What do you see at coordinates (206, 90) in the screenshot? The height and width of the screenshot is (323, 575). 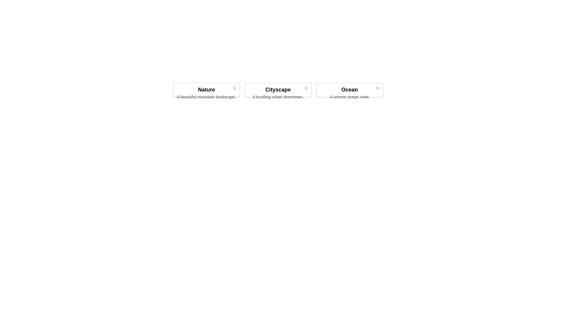 I see `the 'Nature' icon rectangle with rounded corners in the SVG structure, which is styled in a neutral color and is located to the left of a small circle` at bounding box center [206, 90].